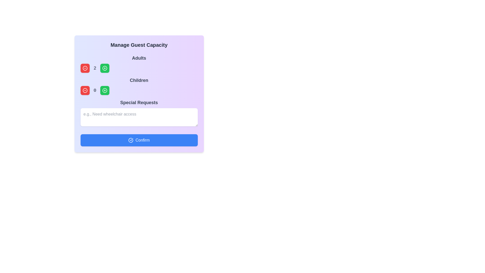  Describe the element at coordinates (139, 102) in the screenshot. I see `the 'Special Requests' text label, which is a bold, larger gray font located near the lower center of the interface, above the input field for special requests` at that location.